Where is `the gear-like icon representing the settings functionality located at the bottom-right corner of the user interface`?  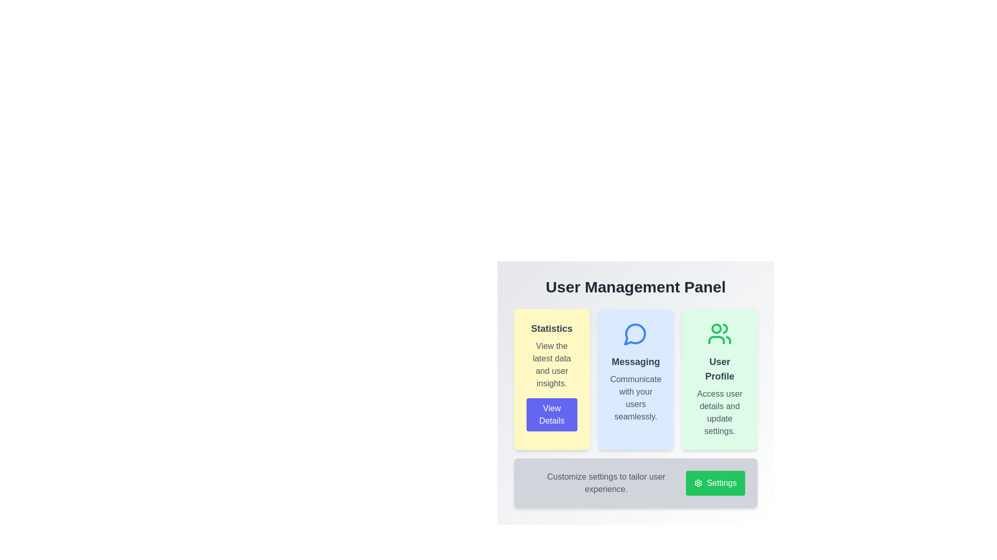 the gear-like icon representing the settings functionality located at the bottom-right corner of the user interface is located at coordinates (698, 483).